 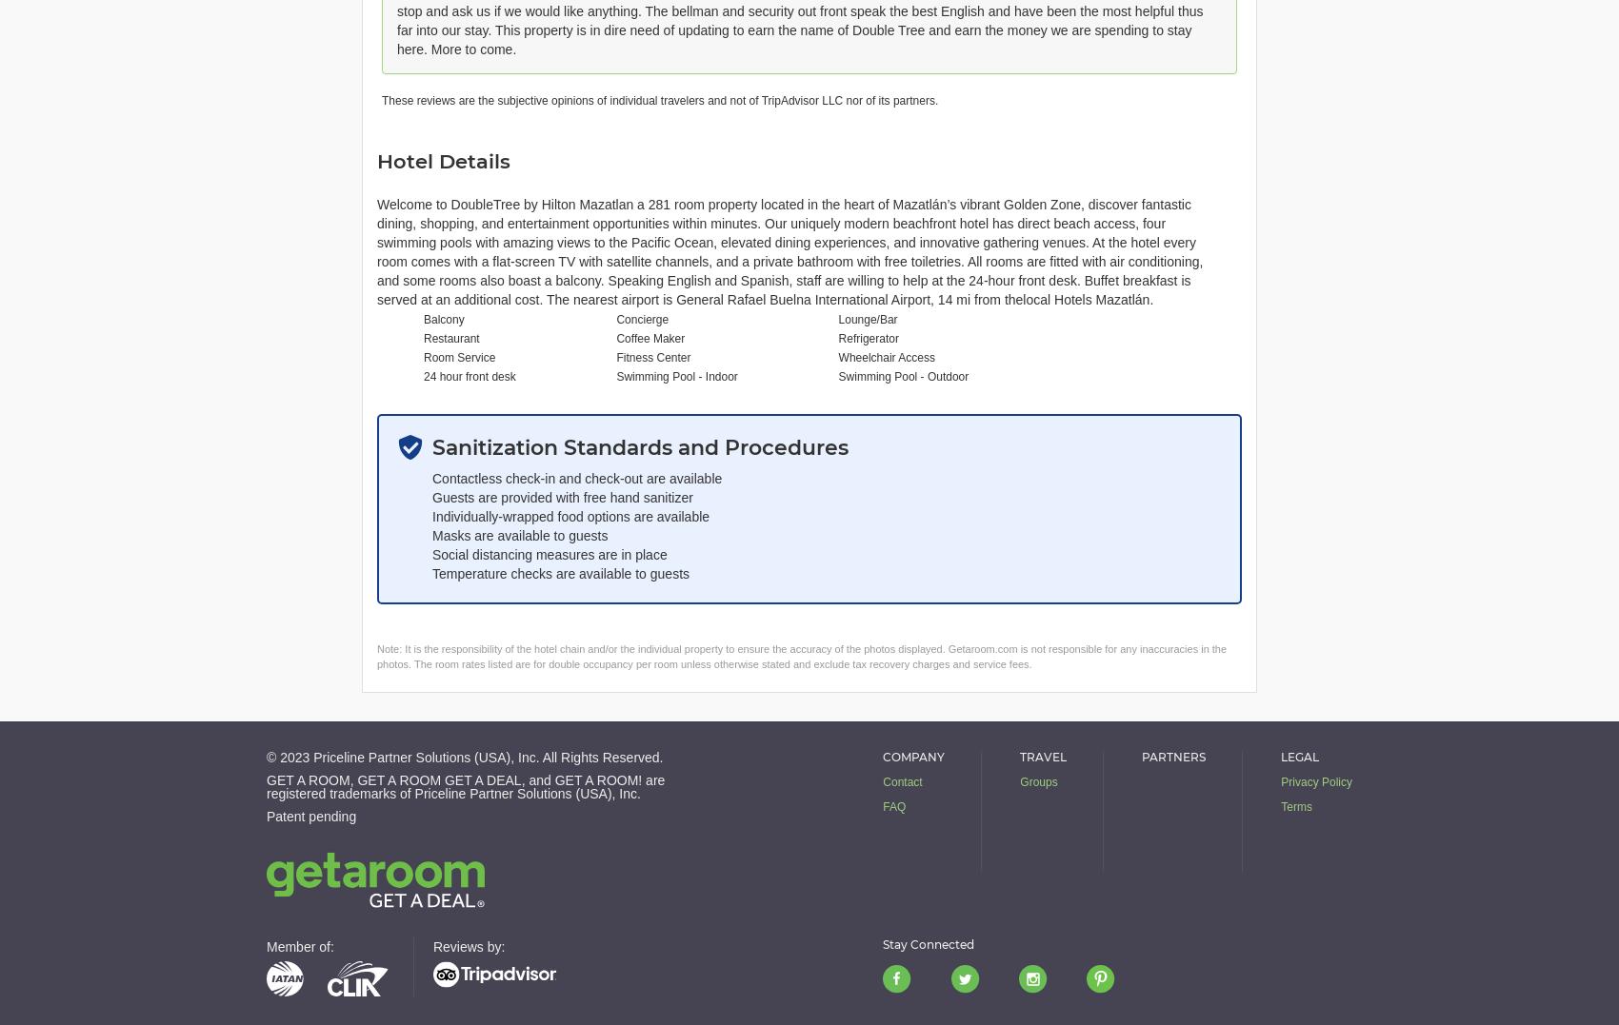 I want to click on 'These reviews are the subjective opinions of individual travelers and not of TripAdvisor LLC nor of its partners.', so click(x=659, y=99).